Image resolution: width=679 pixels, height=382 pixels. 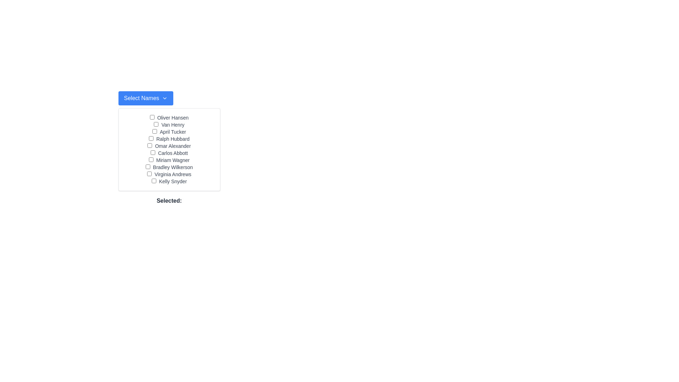 I want to click on the checkbox associated with 'Omar Alexander', so click(x=149, y=145).